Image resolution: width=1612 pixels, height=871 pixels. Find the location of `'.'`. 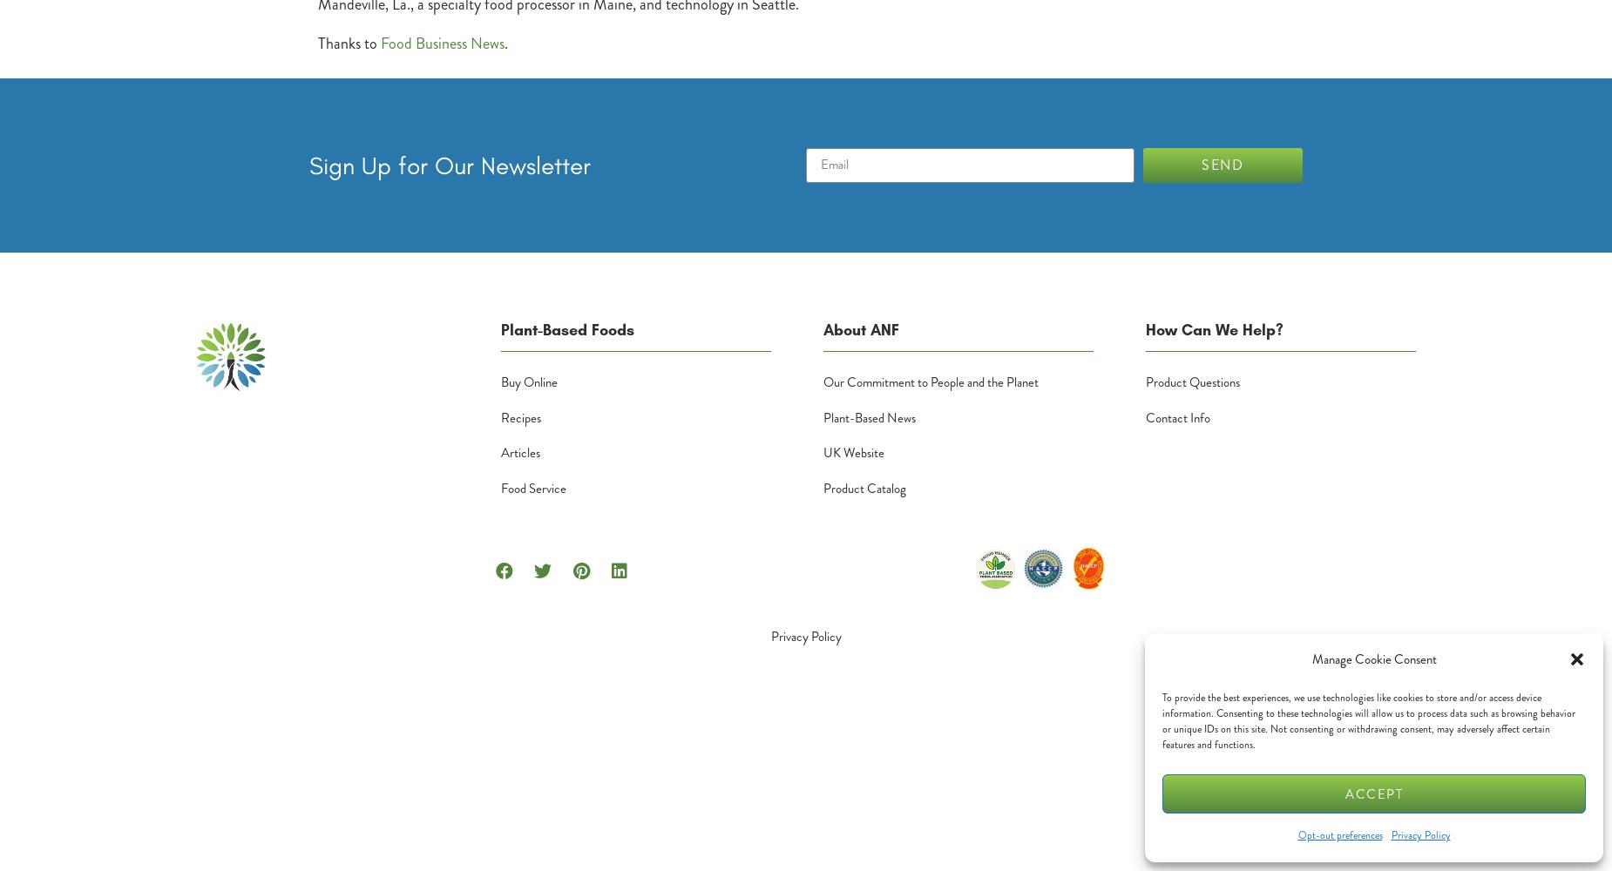

'.' is located at coordinates (505, 43).